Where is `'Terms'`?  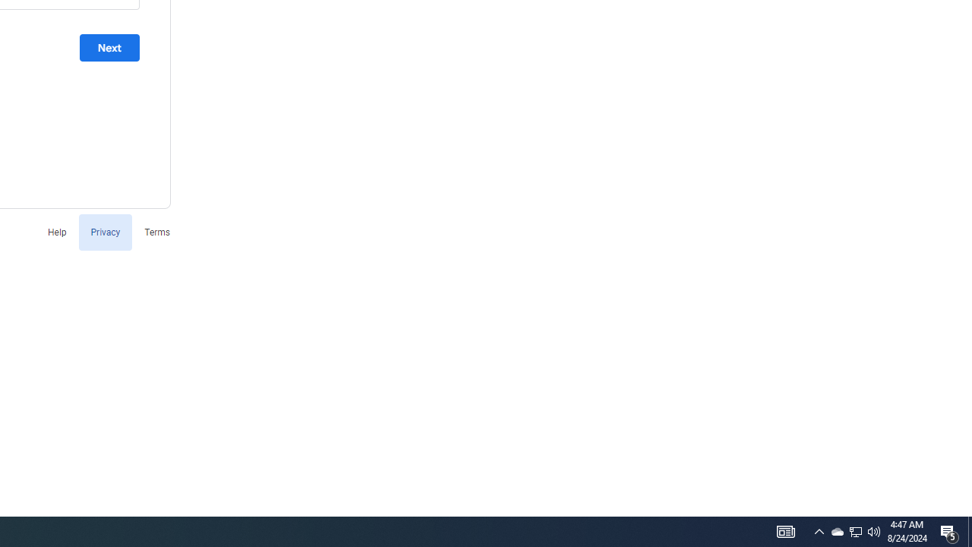 'Terms' is located at coordinates (157, 232).